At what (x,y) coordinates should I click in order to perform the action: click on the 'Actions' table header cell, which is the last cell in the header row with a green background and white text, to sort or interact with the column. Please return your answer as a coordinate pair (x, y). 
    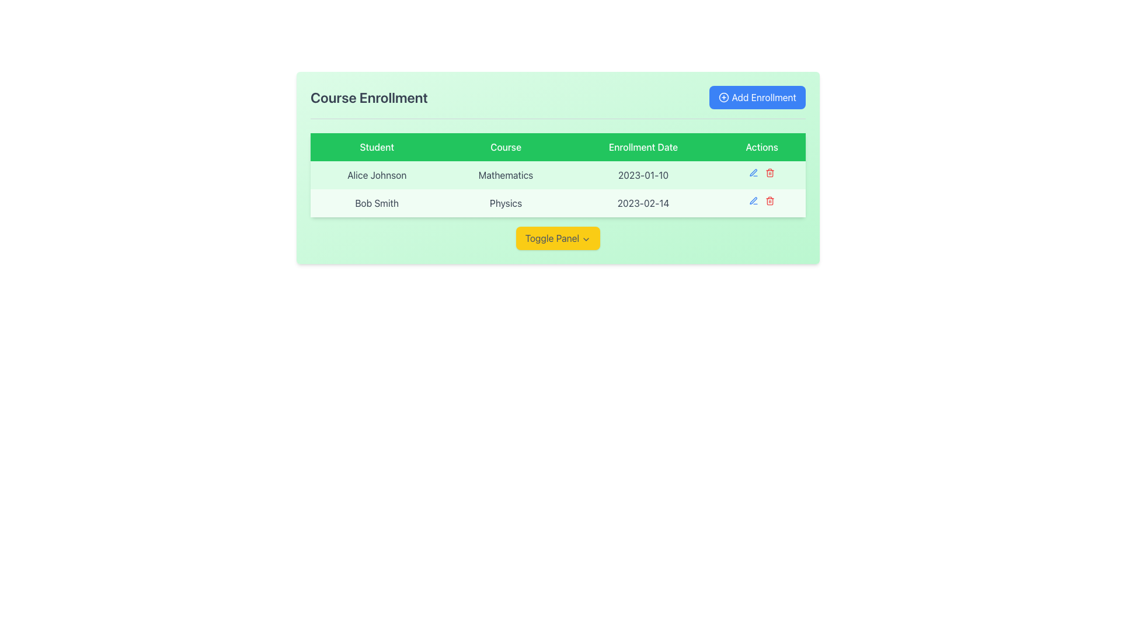
    Looking at the image, I should click on (762, 146).